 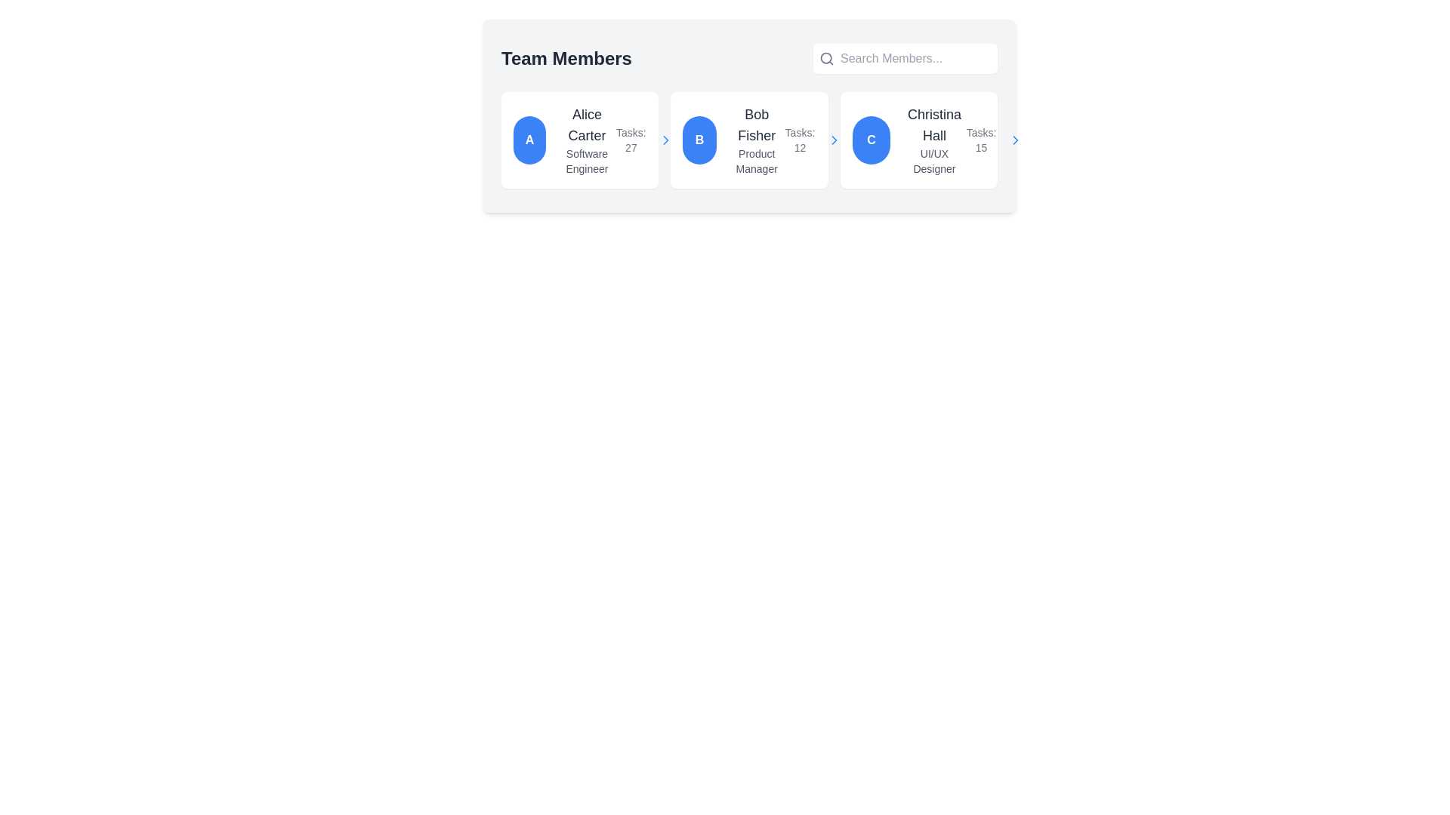 What do you see at coordinates (757, 161) in the screenshot?
I see `the 'Product Manager' text label, which is styled in a smaller gray font and located below 'Bob Fisher' on the profile card` at bounding box center [757, 161].